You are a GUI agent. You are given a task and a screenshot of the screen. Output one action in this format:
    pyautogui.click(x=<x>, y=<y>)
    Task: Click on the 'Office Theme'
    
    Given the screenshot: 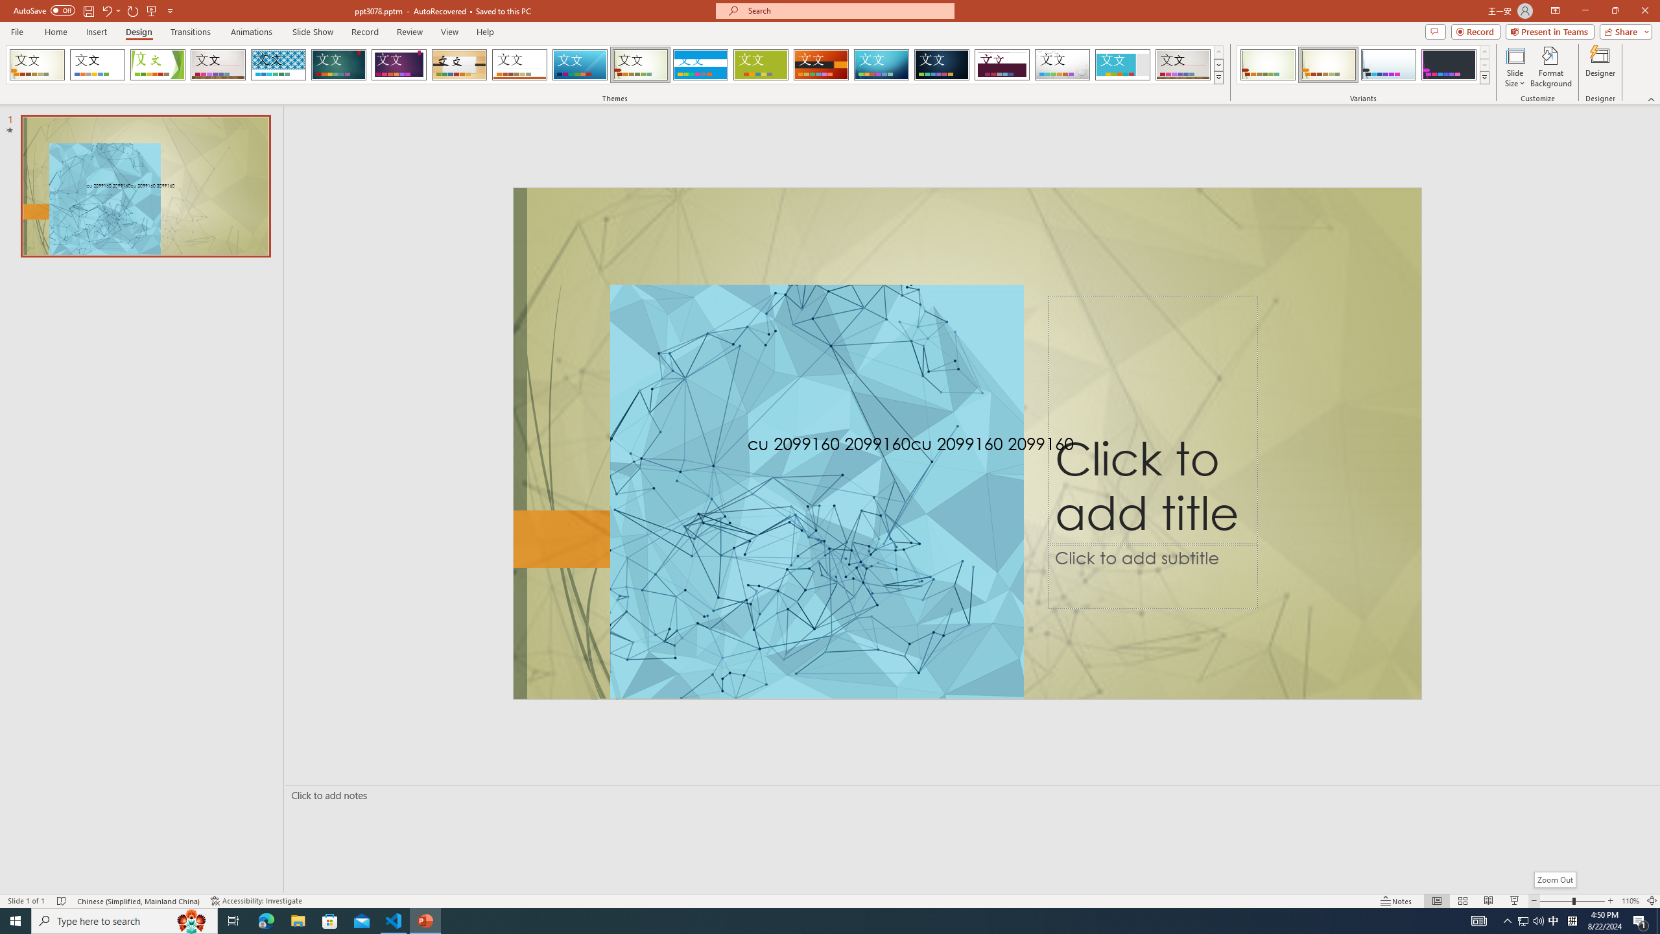 What is the action you would take?
    pyautogui.click(x=97, y=64)
    